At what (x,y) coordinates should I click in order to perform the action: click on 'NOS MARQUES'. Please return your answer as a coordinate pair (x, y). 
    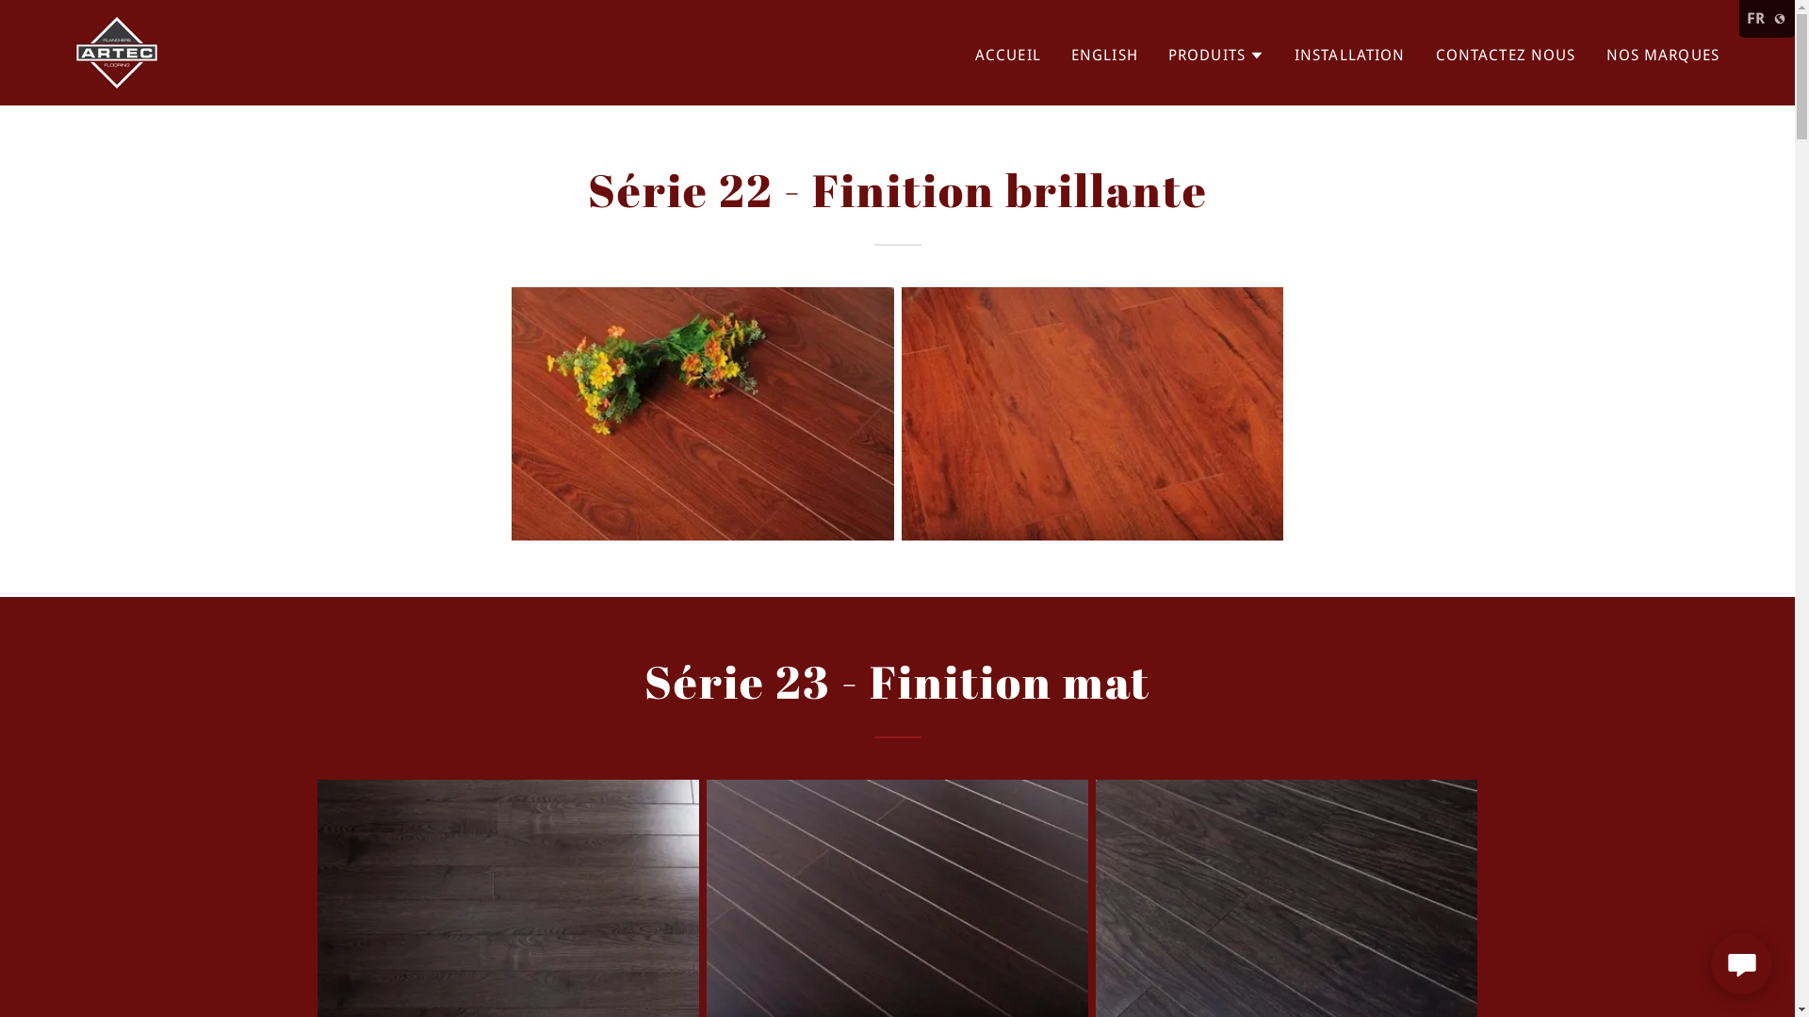
    Looking at the image, I should click on (1599, 53).